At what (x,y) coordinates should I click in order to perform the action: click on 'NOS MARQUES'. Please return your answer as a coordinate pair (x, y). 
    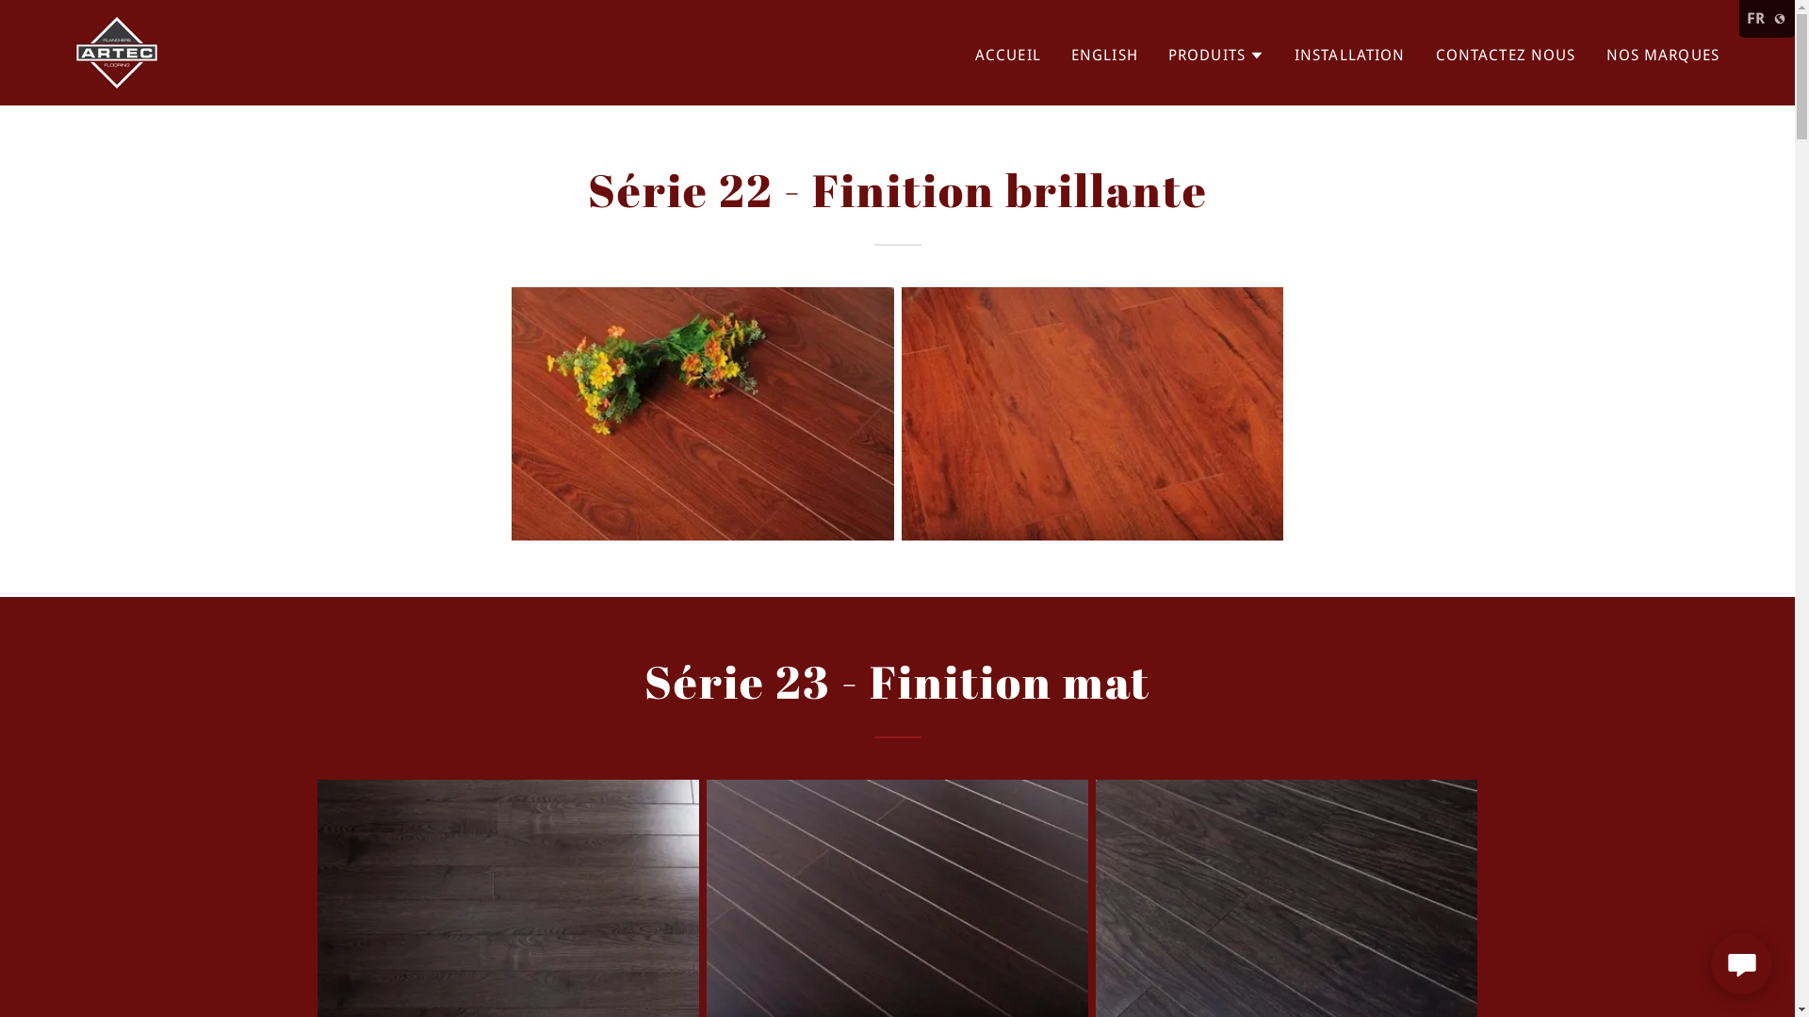
    Looking at the image, I should click on (1599, 53).